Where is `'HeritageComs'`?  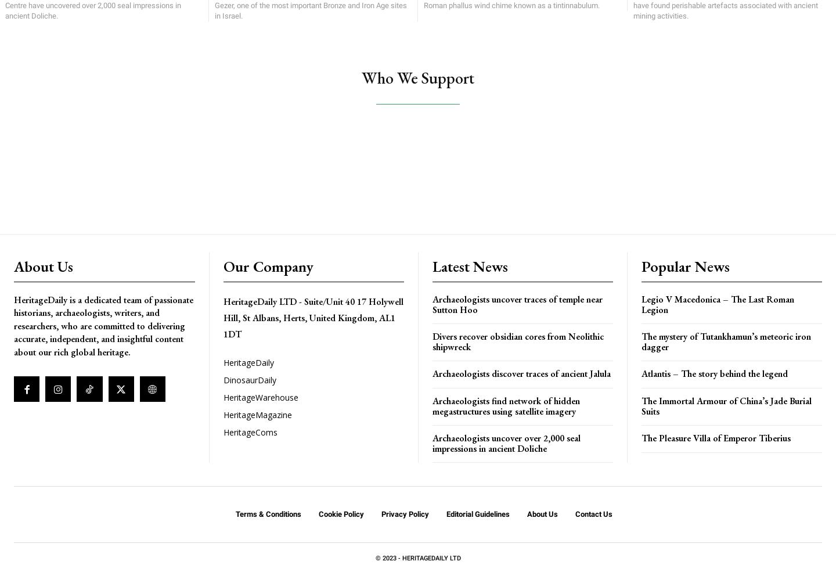
'HeritageComs' is located at coordinates (250, 432).